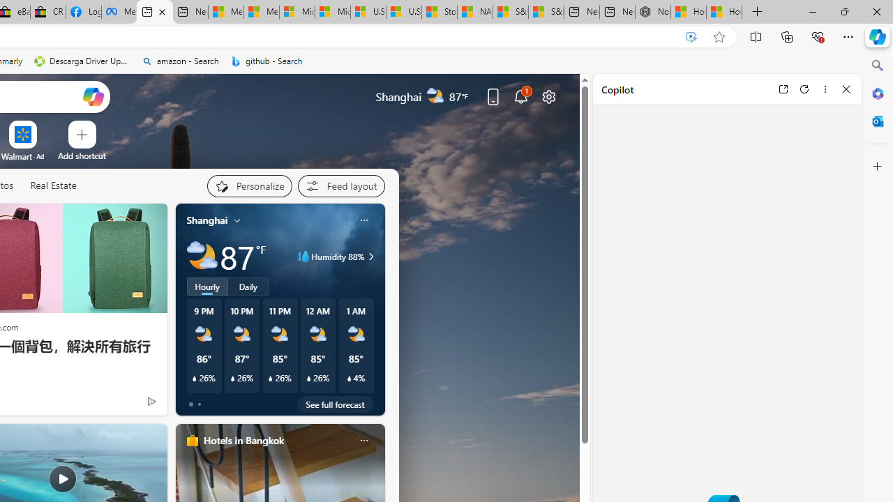  Describe the element at coordinates (545, 12) in the screenshot. I see `'S&P 500, Nasdaq end lower, weighed by Nvidia dip | Watch'` at that location.